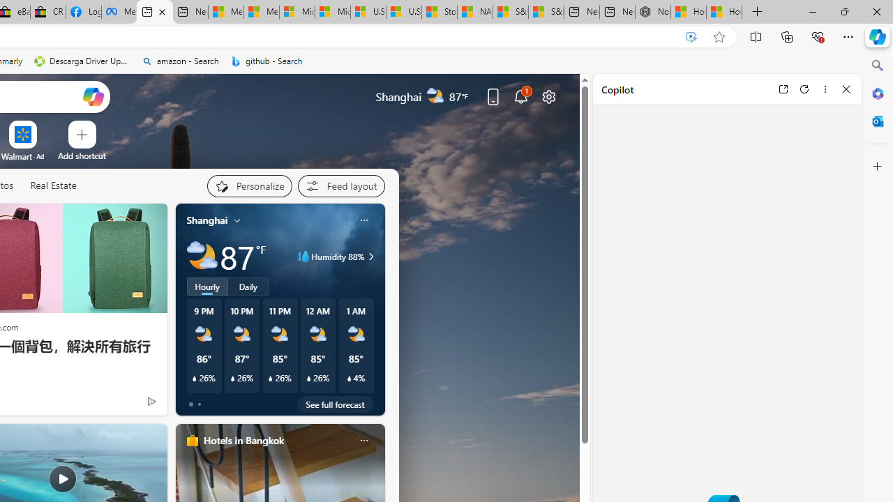  Describe the element at coordinates (545, 12) in the screenshot. I see `'S&P 500, Nasdaq end lower, weighed by Nvidia dip | Watch'` at that location.